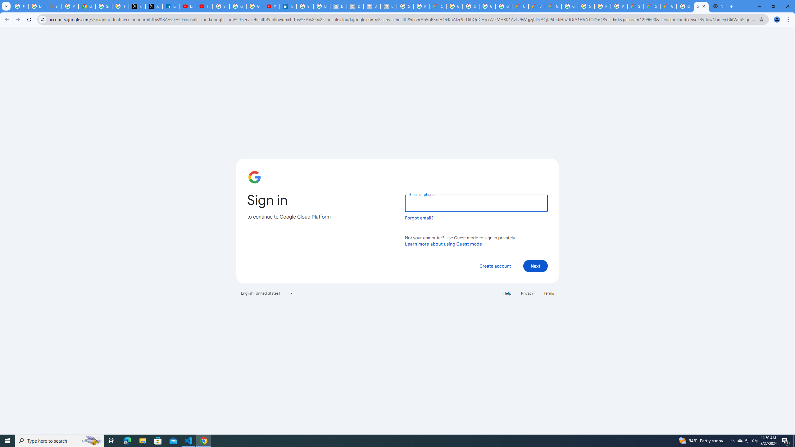 This screenshot has height=447, width=795. Describe the element at coordinates (718, 6) in the screenshot. I see `'New Tab'` at that location.